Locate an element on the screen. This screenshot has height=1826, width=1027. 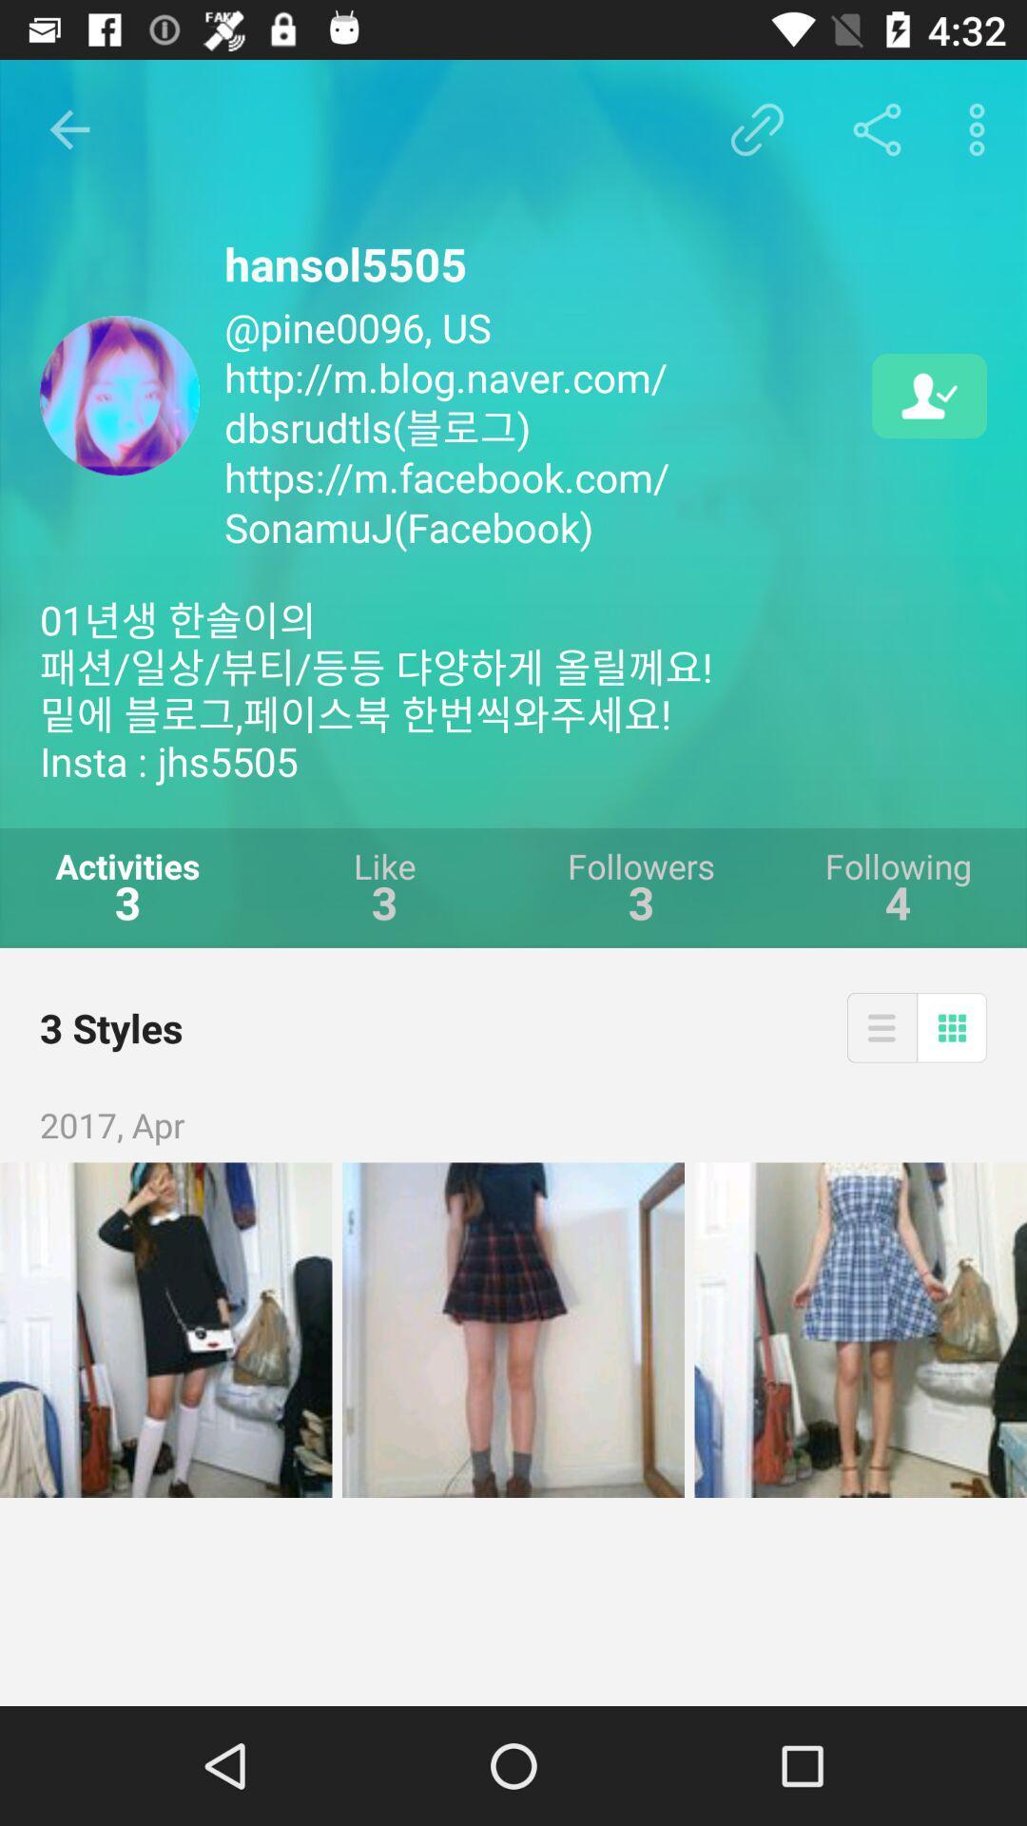
the icon above 2017, apr item is located at coordinates (952, 1026).